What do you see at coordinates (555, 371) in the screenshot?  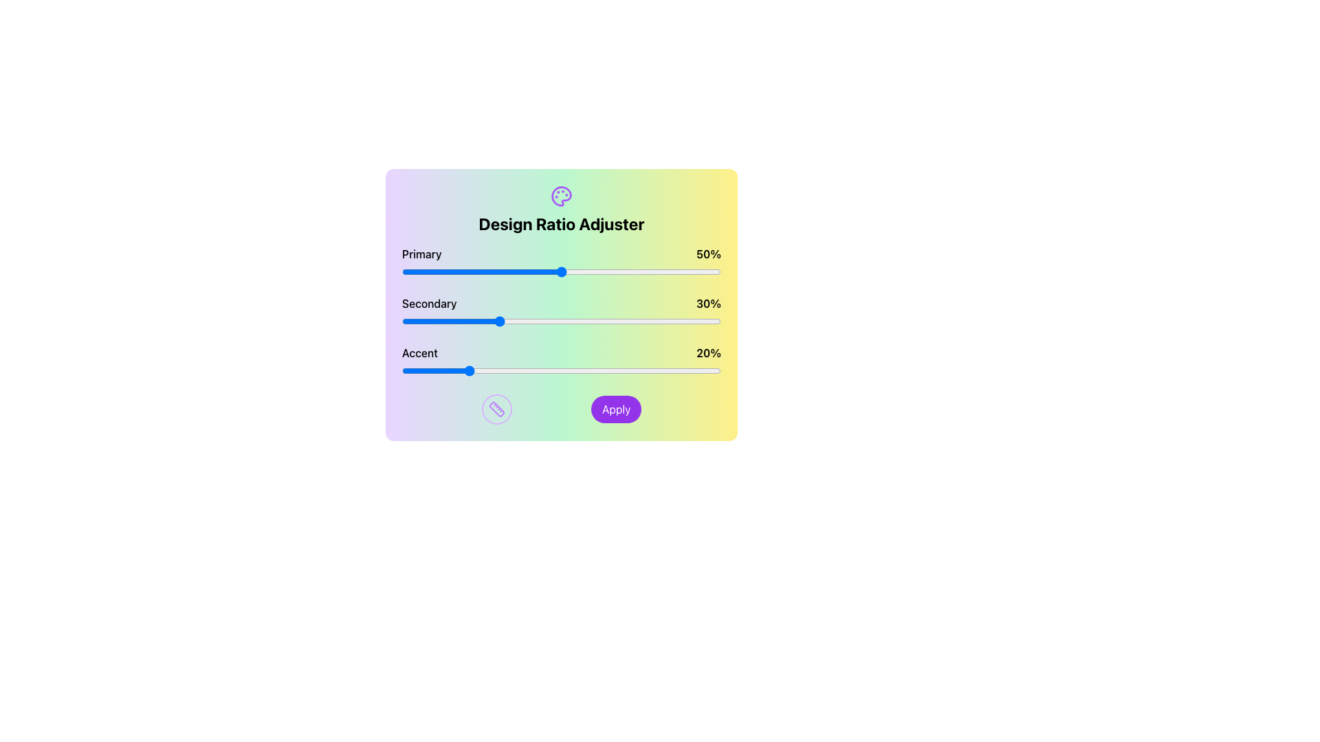 I see `the accent ratio slider` at bounding box center [555, 371].